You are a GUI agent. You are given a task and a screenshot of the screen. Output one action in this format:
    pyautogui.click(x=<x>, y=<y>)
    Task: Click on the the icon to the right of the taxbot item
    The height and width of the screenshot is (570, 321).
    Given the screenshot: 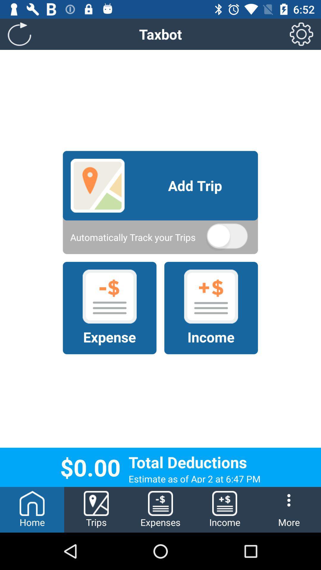 What is the action you would take?
    pyautogui.click(x=301, y=34)
    